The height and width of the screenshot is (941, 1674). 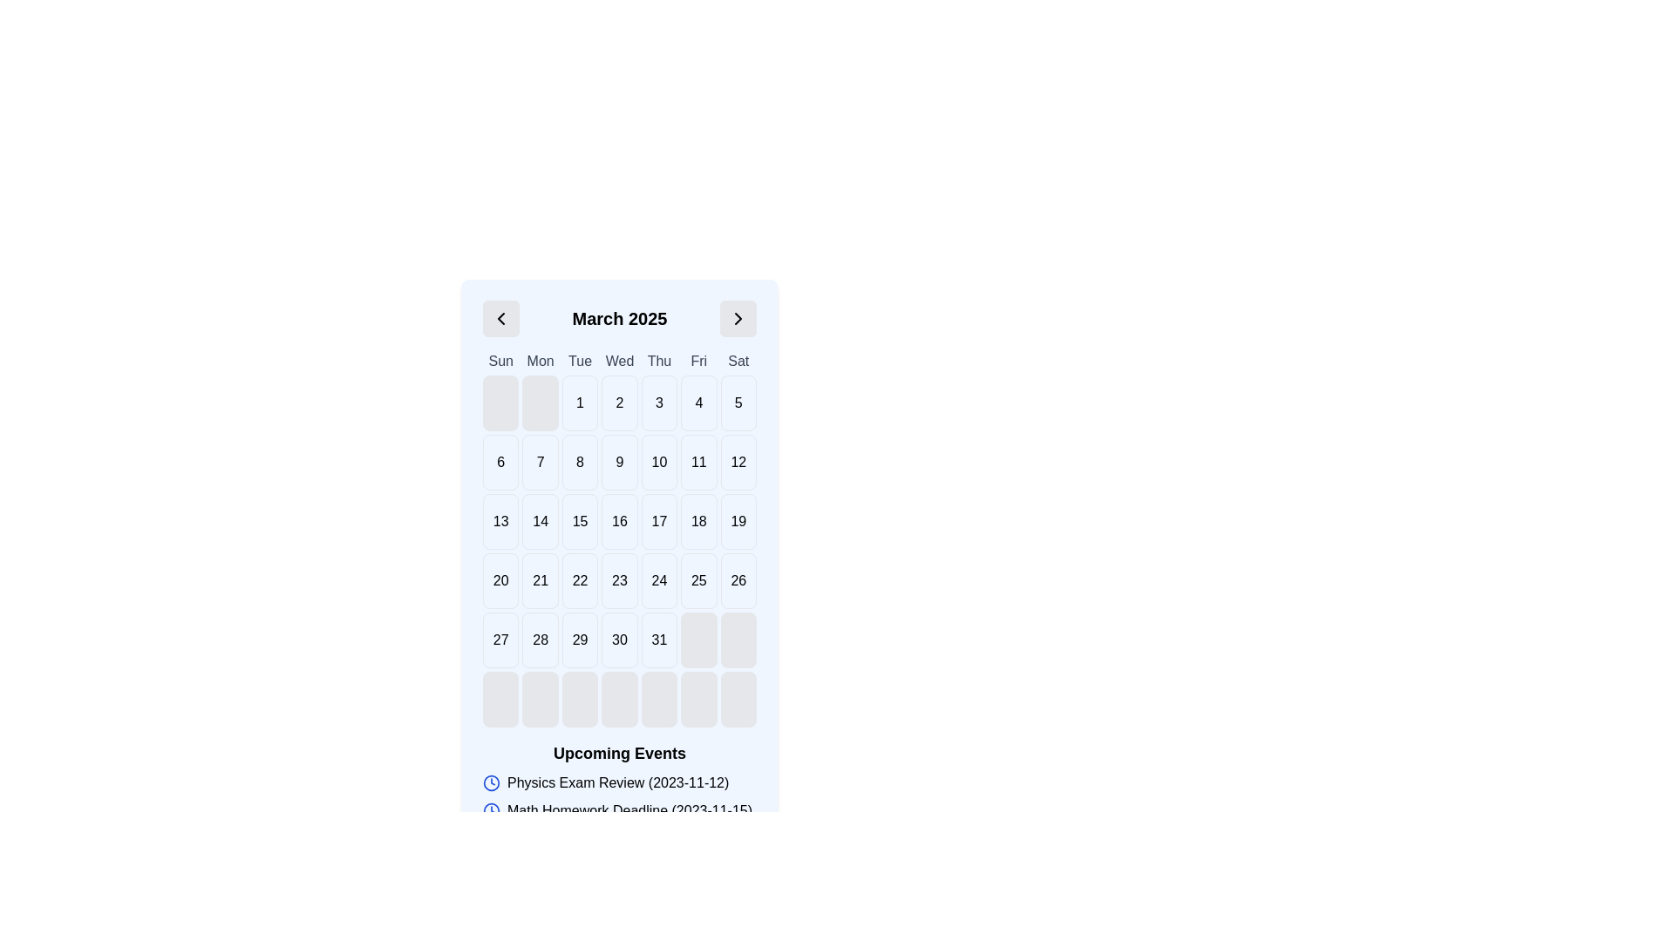 I want to click on the 'Math Homework Deadline (2023-11-15)' text element with a blue clock icon in the 'Upcoming Events' section, so click(x=619, y=810).